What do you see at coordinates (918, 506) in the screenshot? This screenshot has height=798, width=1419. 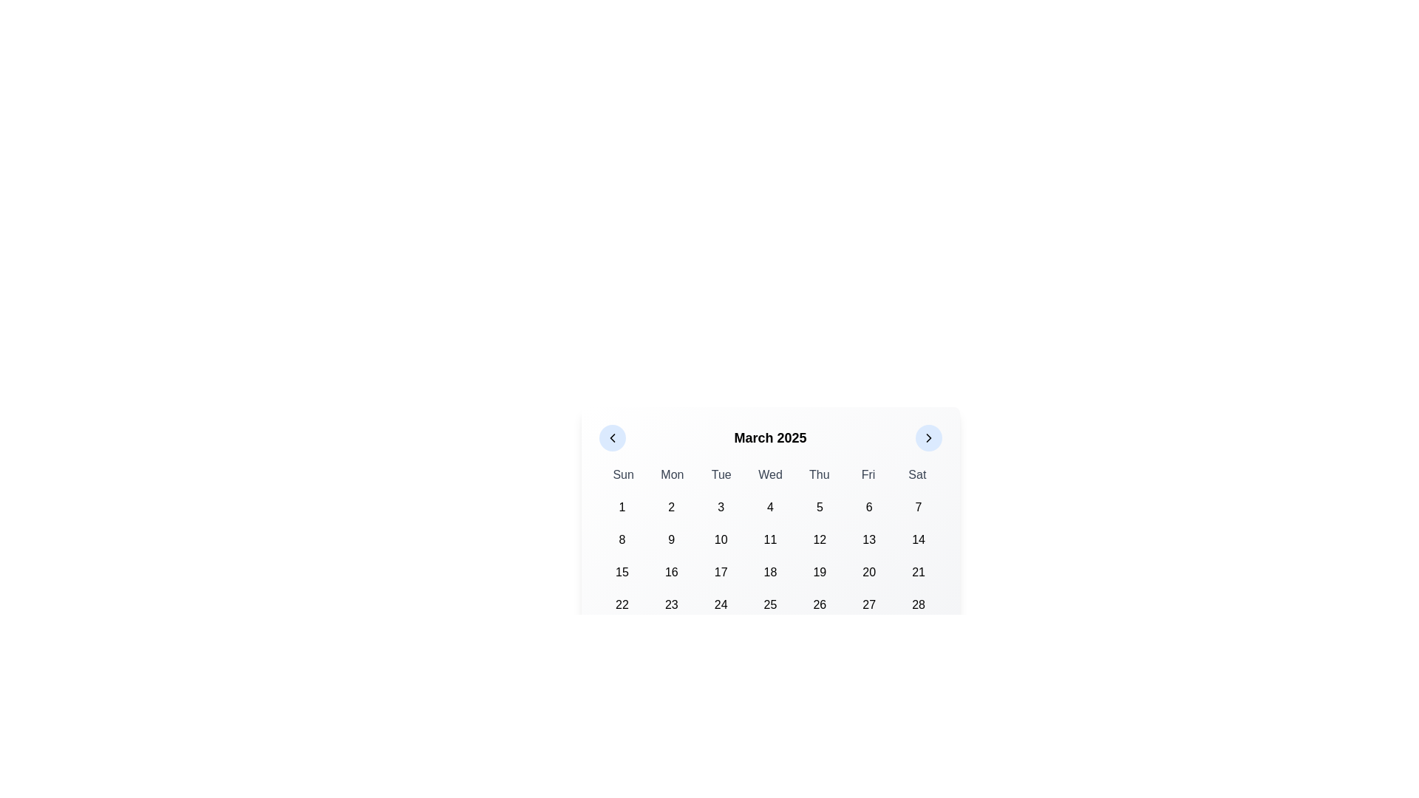 I see `the button representing the date '7' in the calendar interface, located in the top-right corner of the grid under the 'Saturday' column header` at bounding box center [918, 506].